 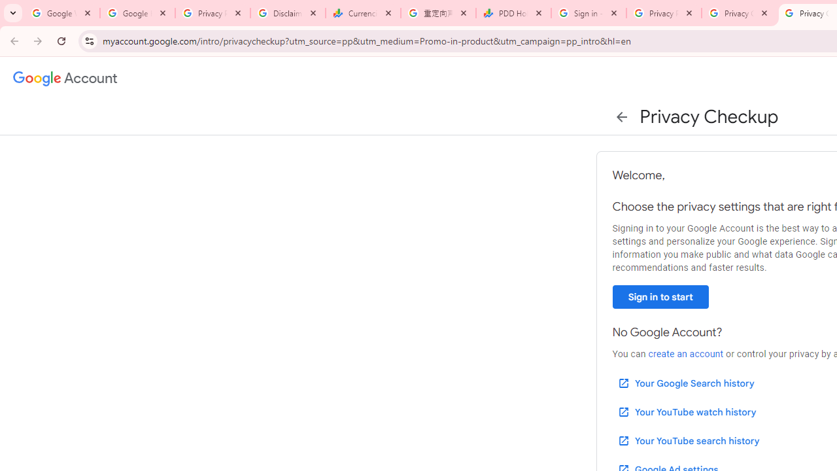 What do you see at coordinates (739, 13) in the screenshot?
I see `'Privacy Checkup'` at bounding box center [739, 13].